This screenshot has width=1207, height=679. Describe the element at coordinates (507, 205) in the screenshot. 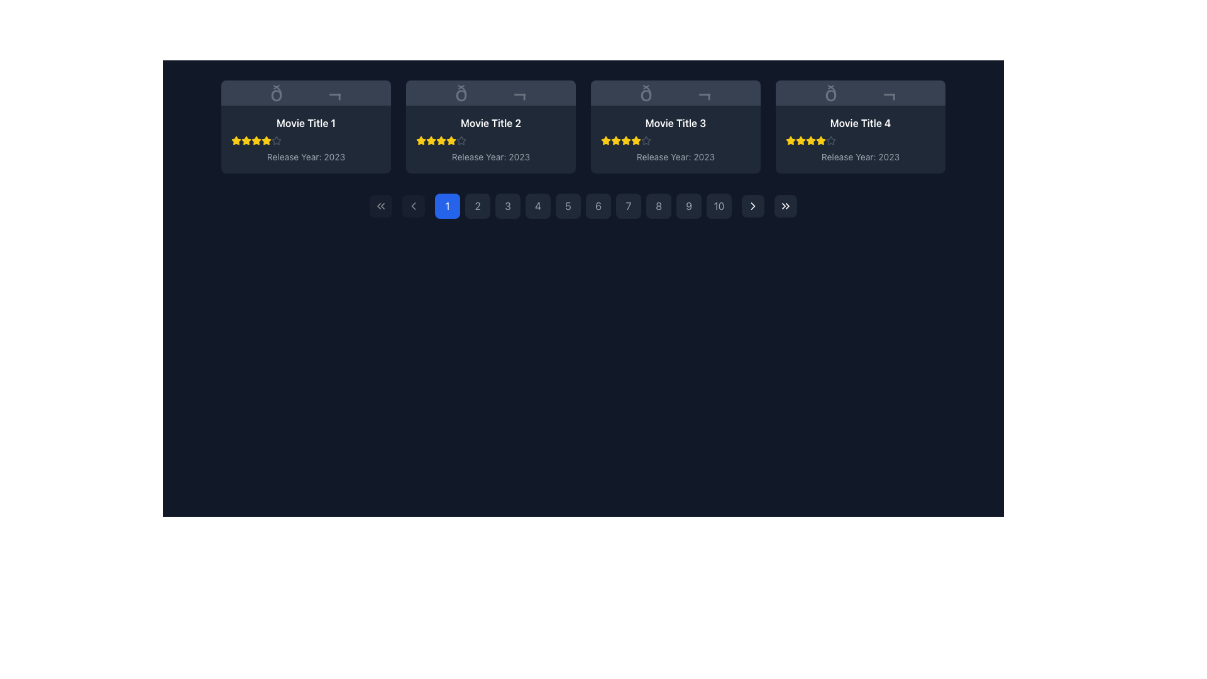

I see `the third pagination button, which is located between buttons '2' and '4' in a row of numbered buttons at the bottom center of the page` at that location.